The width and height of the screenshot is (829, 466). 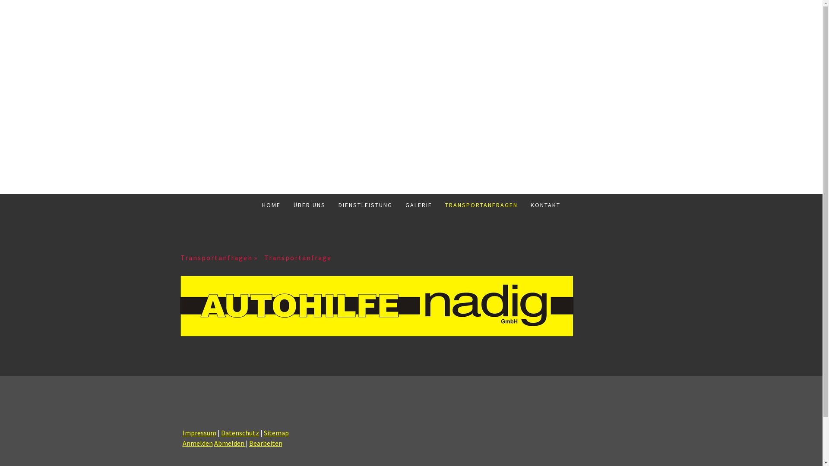 I want to click on 'Transportanfragen', so click(x=222, y=257).